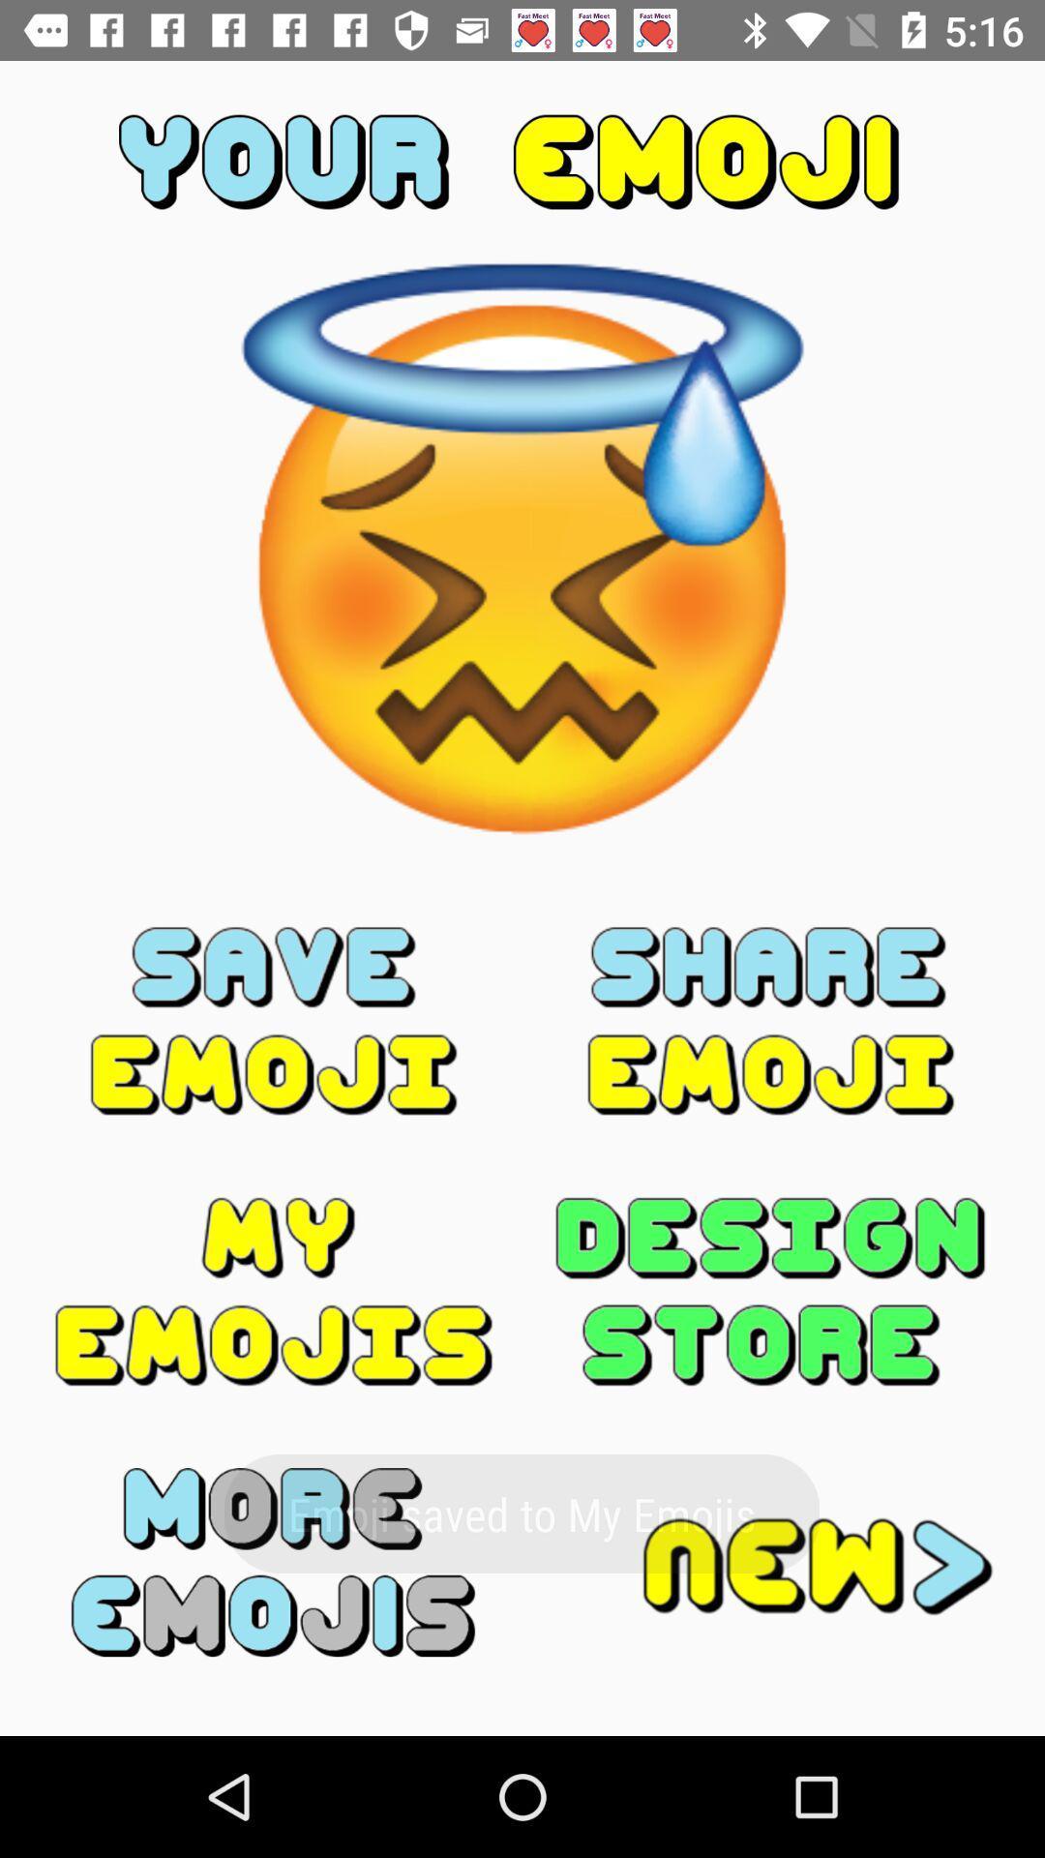  What do you see at coordinates (769, 1562) in the screenshot?
I see `new option` at bounding box center [769, 1562].